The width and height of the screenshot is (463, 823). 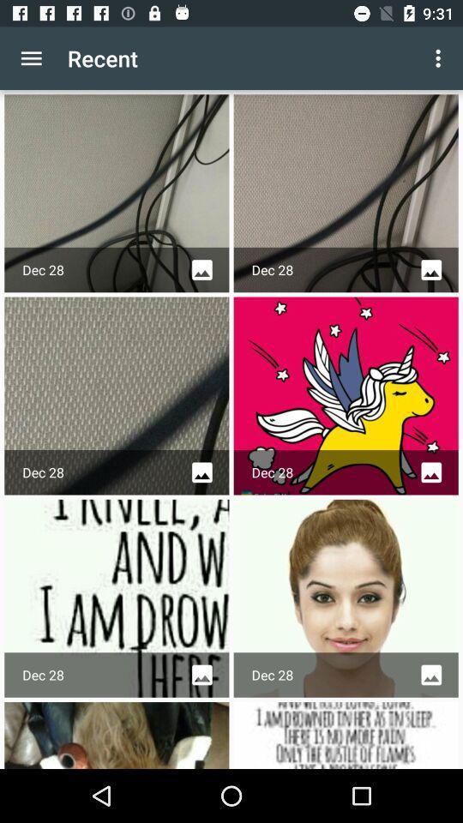 I want to click on app next to recent item, so click(x=31, y=58).